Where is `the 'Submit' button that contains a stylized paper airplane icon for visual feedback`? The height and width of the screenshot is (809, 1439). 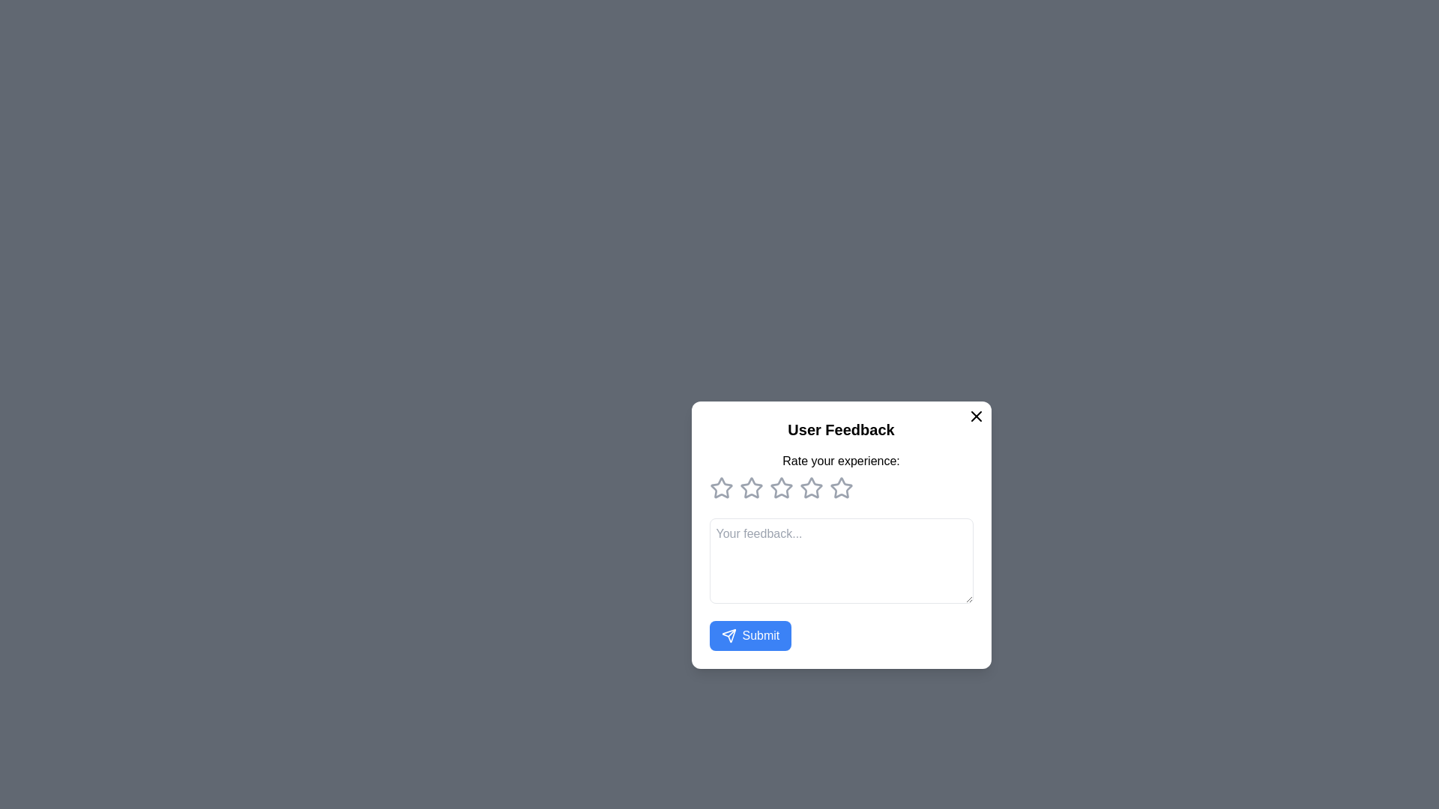 the 'Submit' button that contains a stylized paper airplane icon for visual feedback is located at coordinates (728, 635).